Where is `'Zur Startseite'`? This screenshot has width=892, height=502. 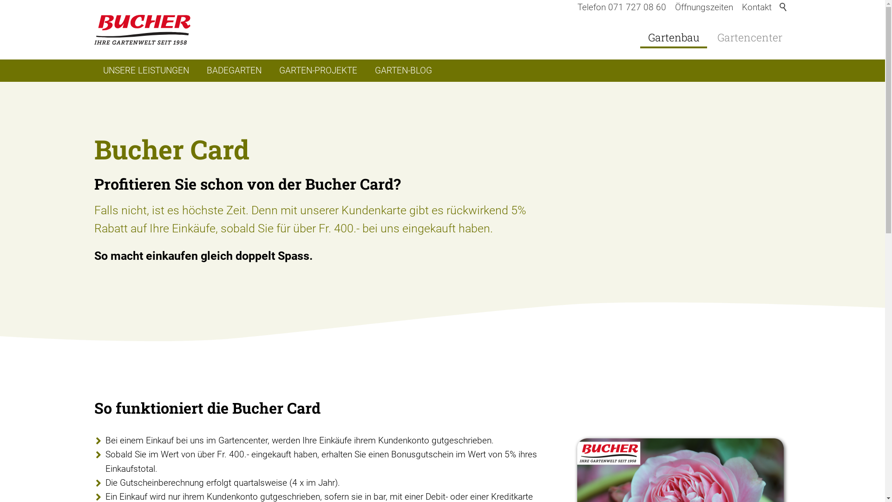
'Zur Startseite' is located at coordinates (142, 29).